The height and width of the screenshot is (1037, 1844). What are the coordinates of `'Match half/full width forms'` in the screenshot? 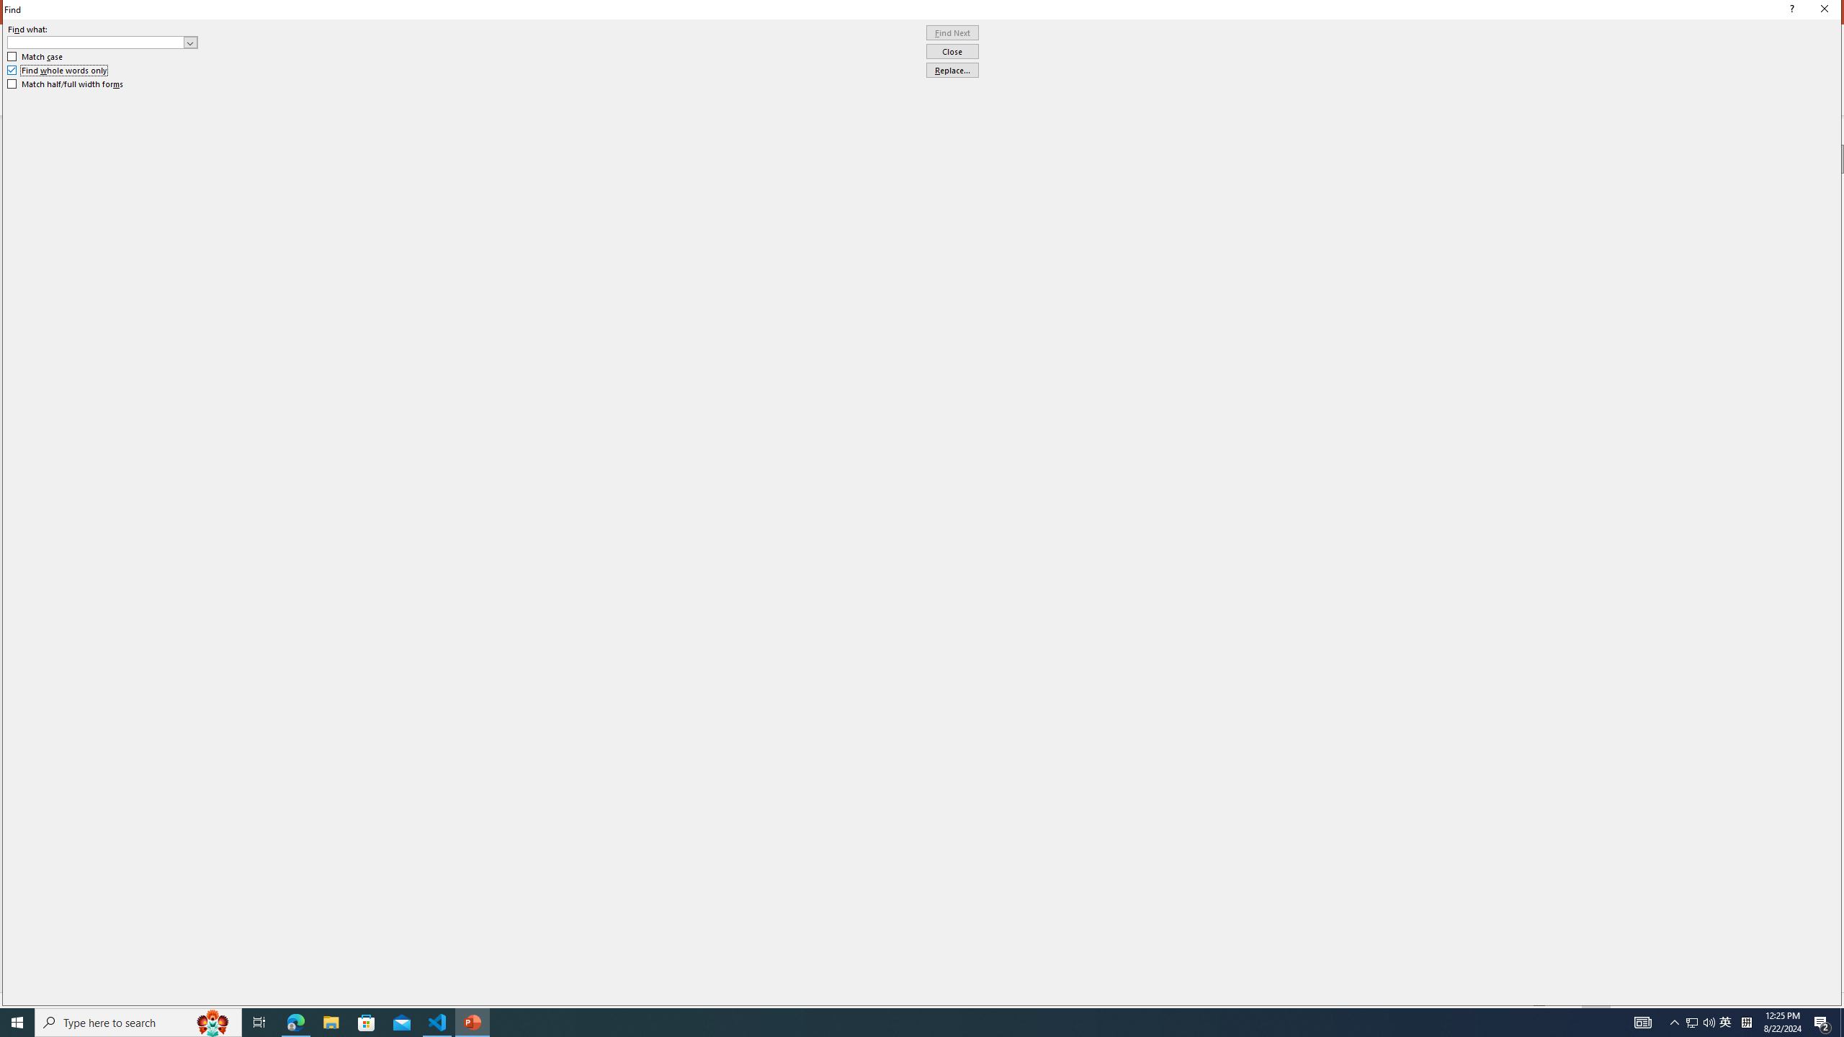 It's located at (66, 84).